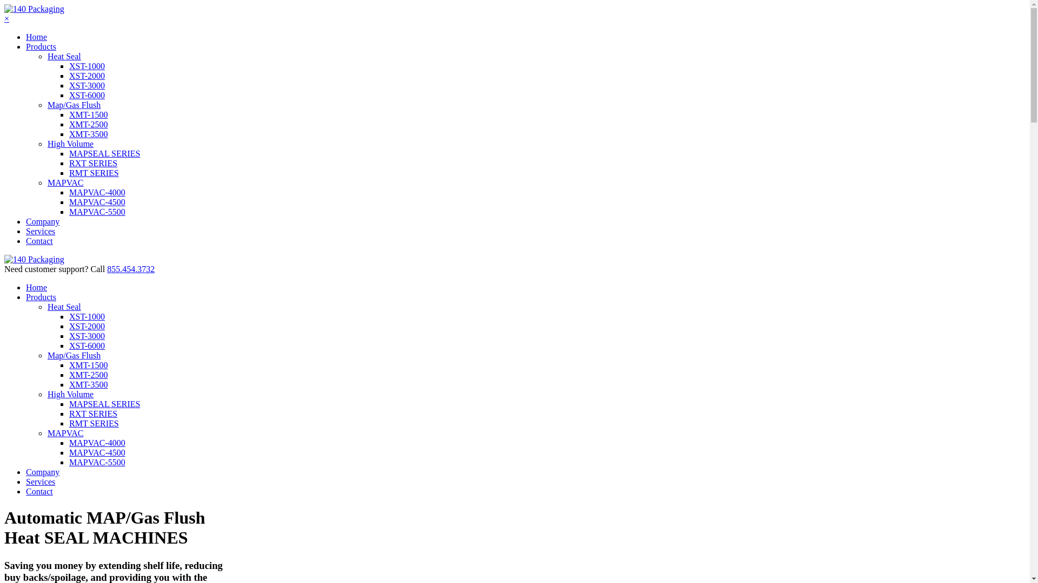 The image size is (1038, 583). What do you see at coordinates (69, 163) in the screenshot?
I see `'RXT SERIES'` at bounding box center [69, 163].